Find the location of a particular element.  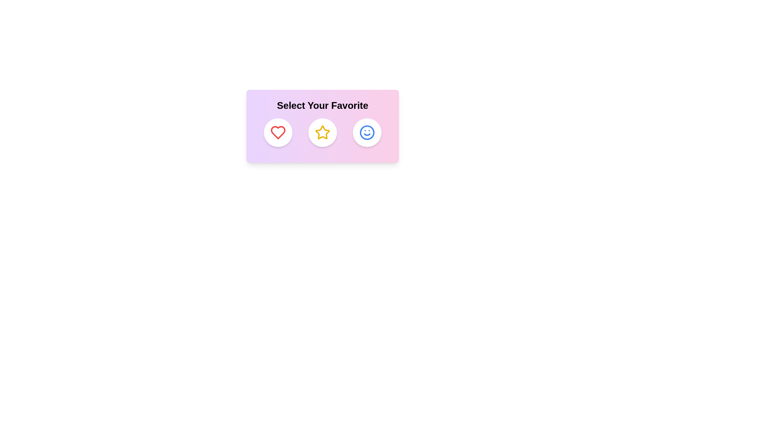

the Heart icon to observe its hover effect is located at coordinates (278, 132).